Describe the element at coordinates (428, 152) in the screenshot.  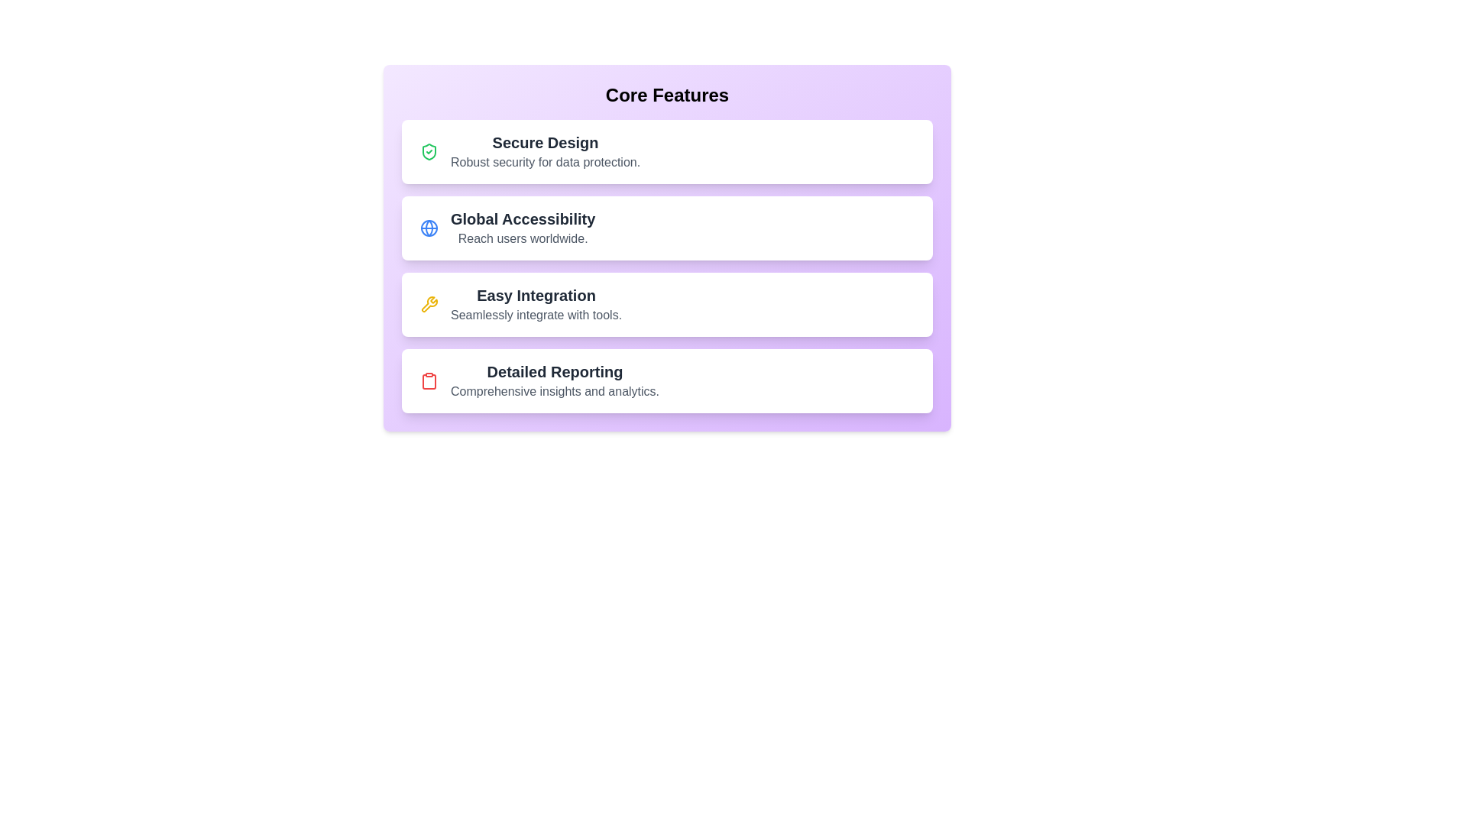
I see `the icon for Secure Design to display additional information` at that location.